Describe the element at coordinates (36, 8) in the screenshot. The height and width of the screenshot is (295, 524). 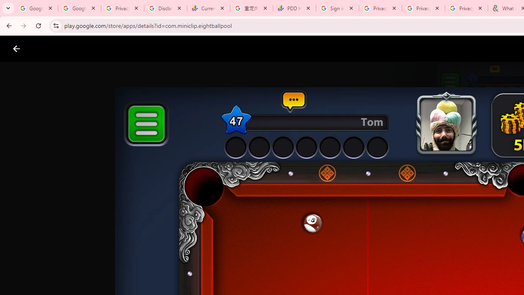
I see `'Google Workspace Admin Community'` at that location.